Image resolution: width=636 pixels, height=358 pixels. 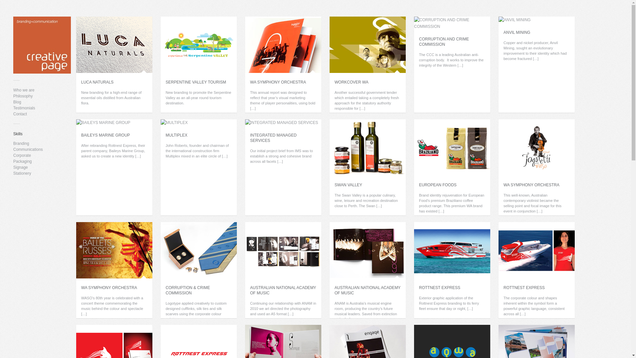 What do you see at coordinates (444, 42) in the screenshot?
I see `'CORRUPTION AND CRIME COMMISSION'` at bounding box center [444, 42].